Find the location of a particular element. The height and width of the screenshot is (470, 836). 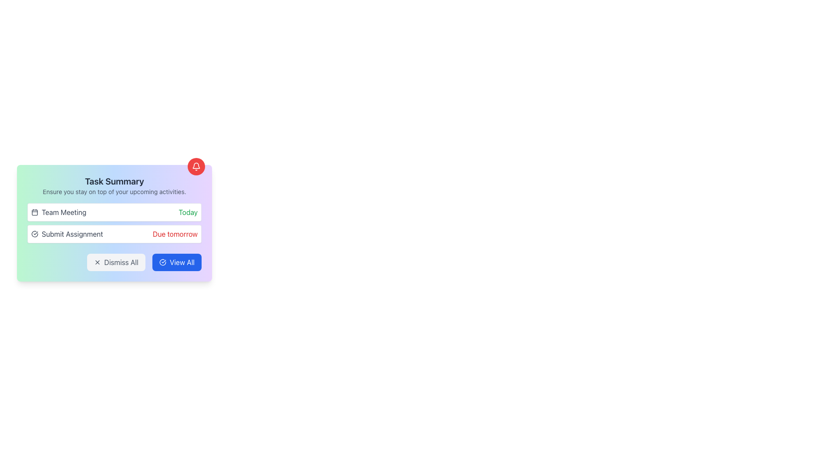

the Text Label that provides a reminder about staying organized with upcoming activities, located below the 'Task Summary' heading is located at coordinates (114, 191).